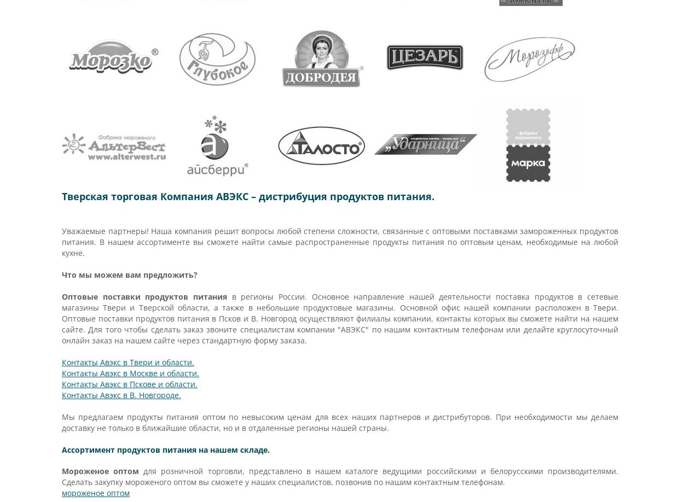 The image size is (684, 502). What do you see at coordinates (61, 422) in the screenshot?
I see `'Мы предлагаем продукты питания оптом по невысоким ценам для всех наших партнеров и дистрибуторов. При необходимости мы делаем доставку не только в ближайшие области, но и в отдаленные регионы нашей страны.'` at bounding box center [61, 422].